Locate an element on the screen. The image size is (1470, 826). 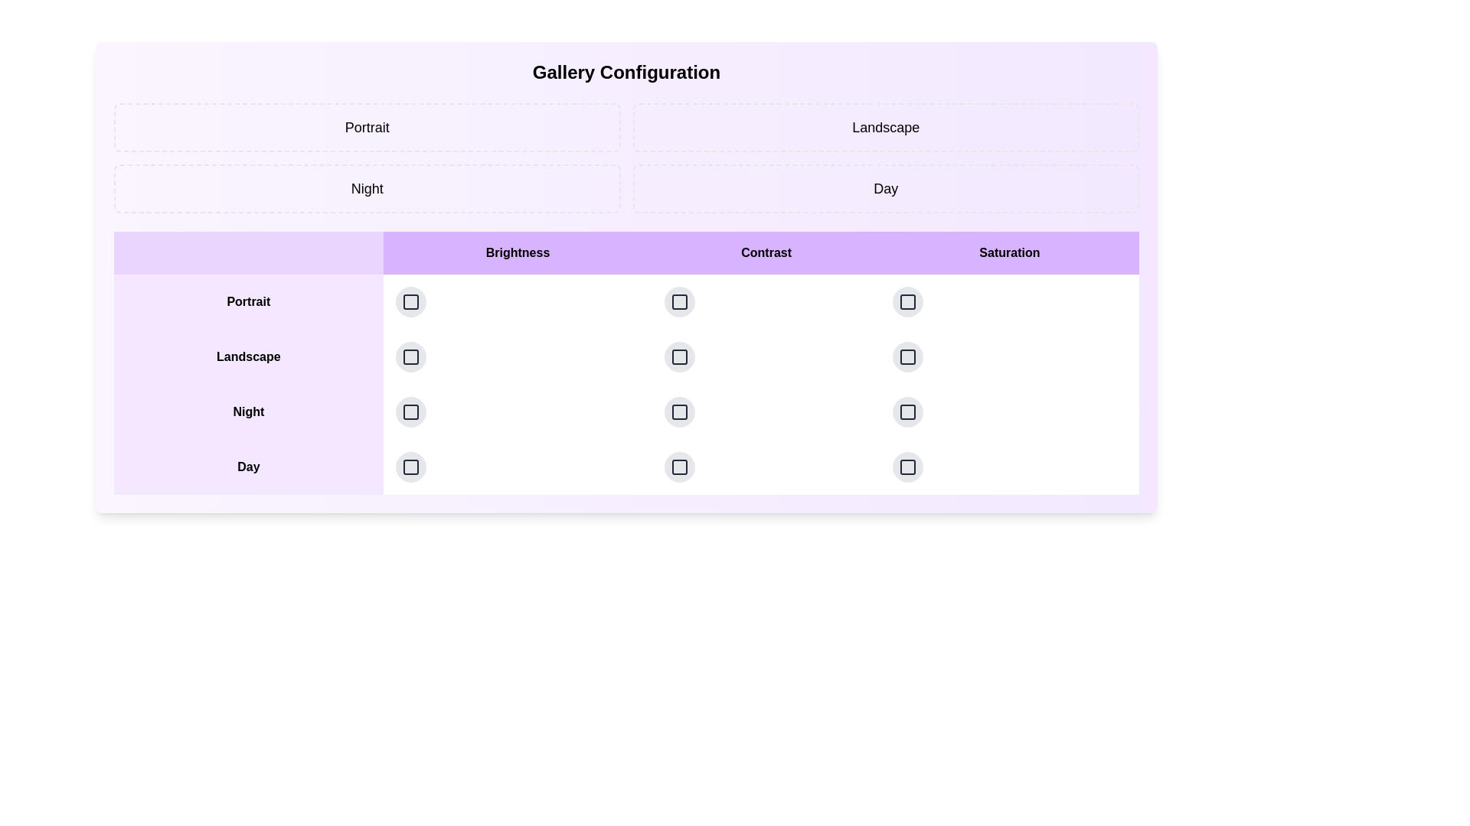
the checkbox in the topmost row under the 'Contrast' column for the 'Portrait' mode is located at coordinates (679, 301).